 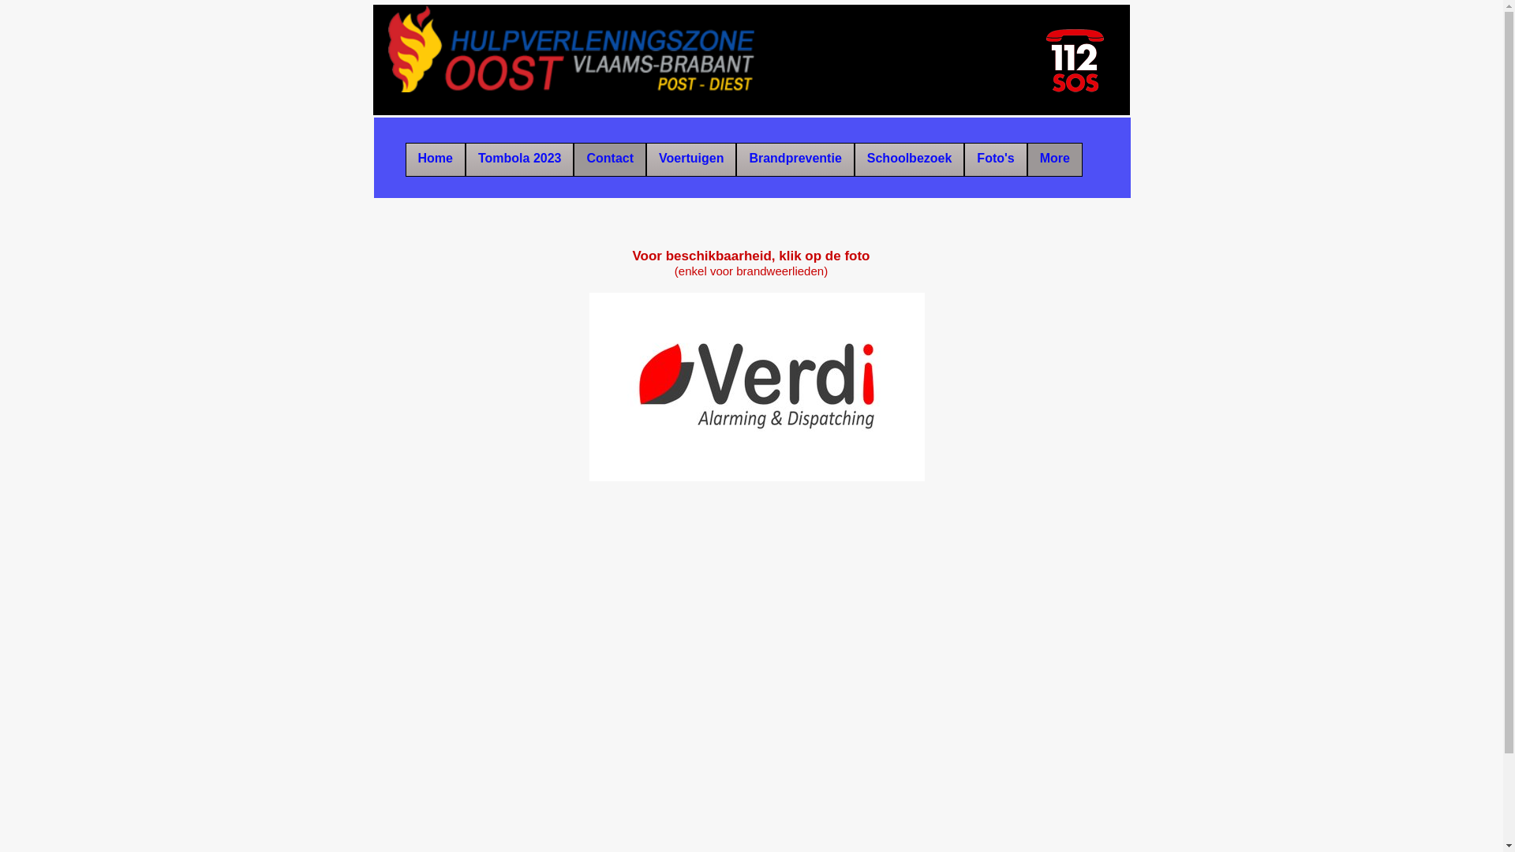 I want to click on 'Schoolbezoek', so click(x=909, y=159).